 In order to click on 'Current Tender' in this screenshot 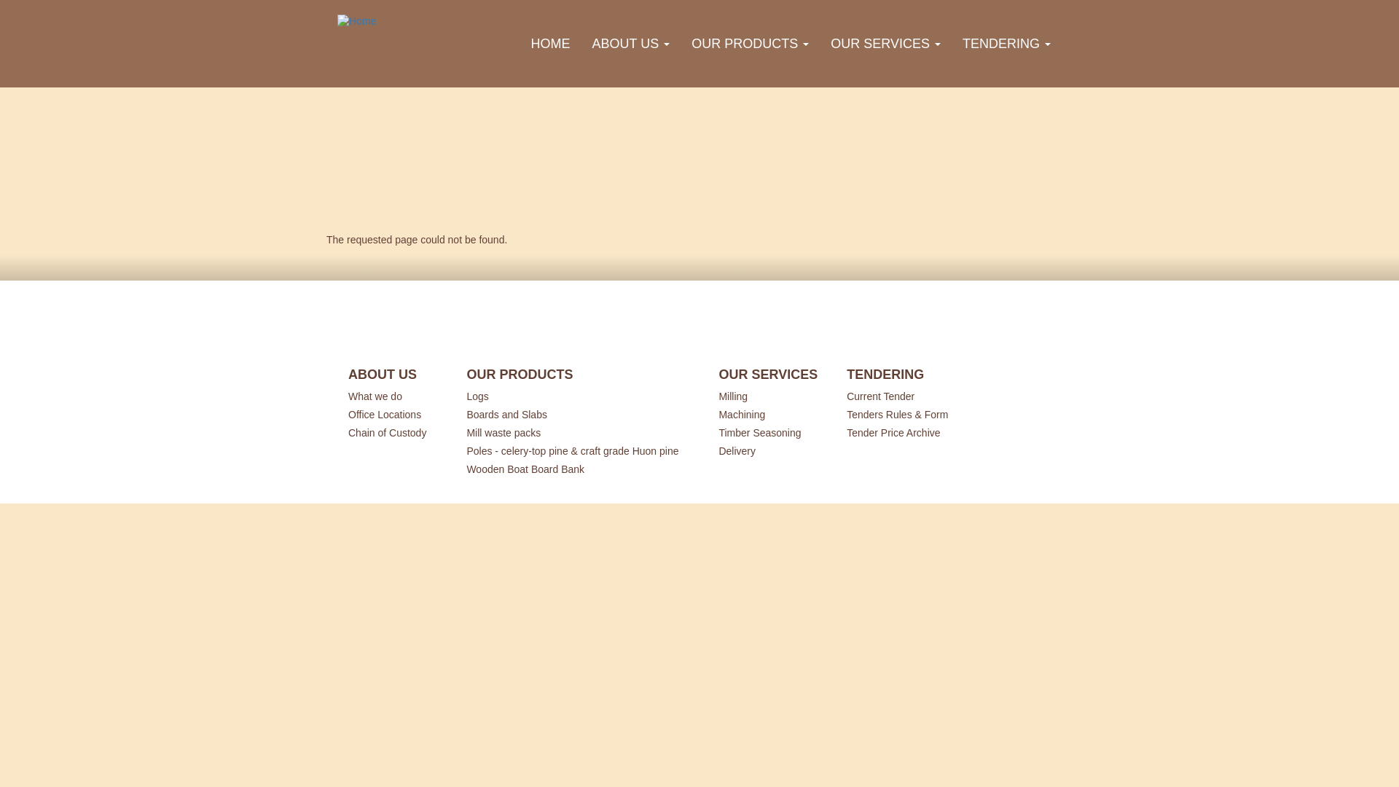, I will do `click(901, 395)`.